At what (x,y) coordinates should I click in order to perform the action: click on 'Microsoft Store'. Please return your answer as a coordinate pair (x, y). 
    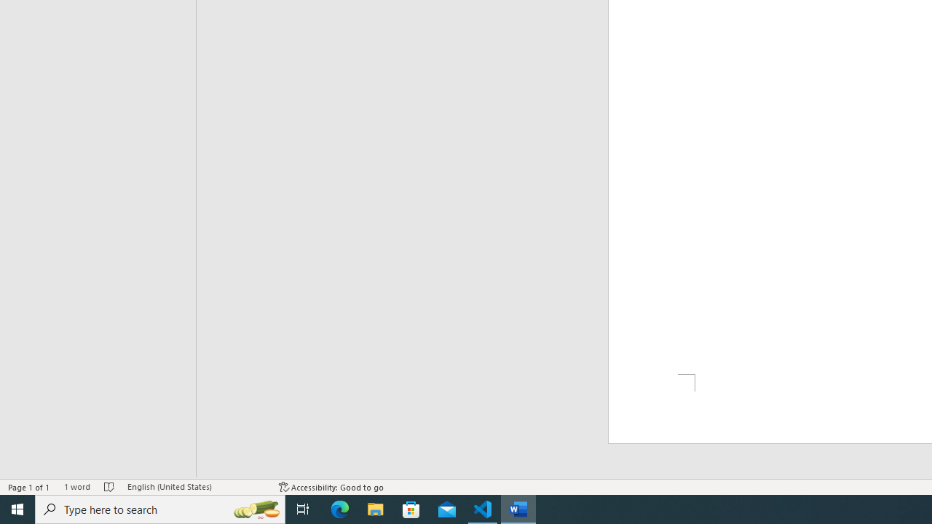
    Looking at the image, I should click on (411, 508).